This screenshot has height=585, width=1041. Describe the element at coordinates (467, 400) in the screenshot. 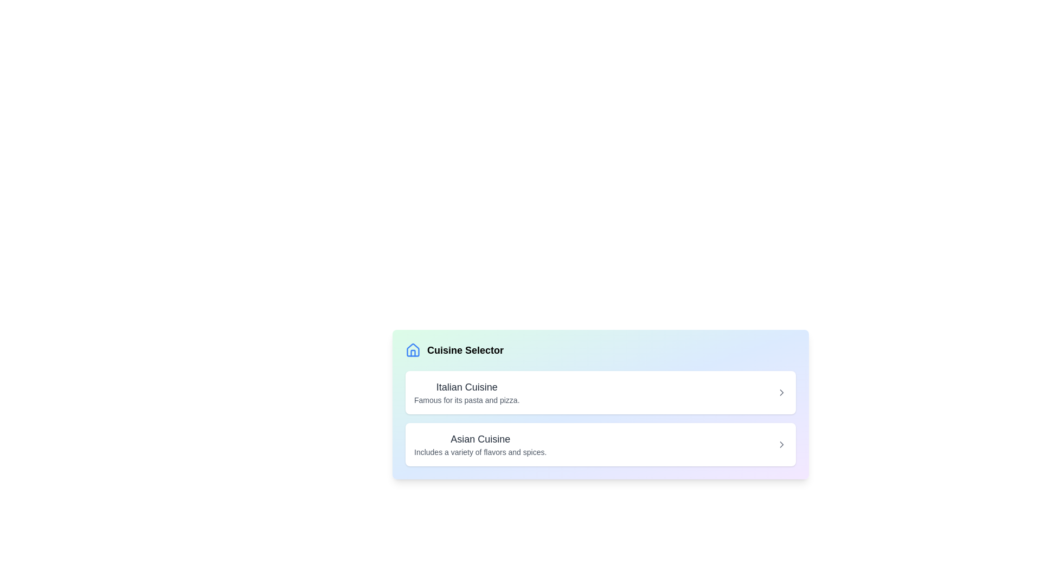

I see `the text block that states 'Famous for its pasta and pizza.', which is styled in a small font size and light gray color, positioned below the title 'Italian Cuisine'` at that location.